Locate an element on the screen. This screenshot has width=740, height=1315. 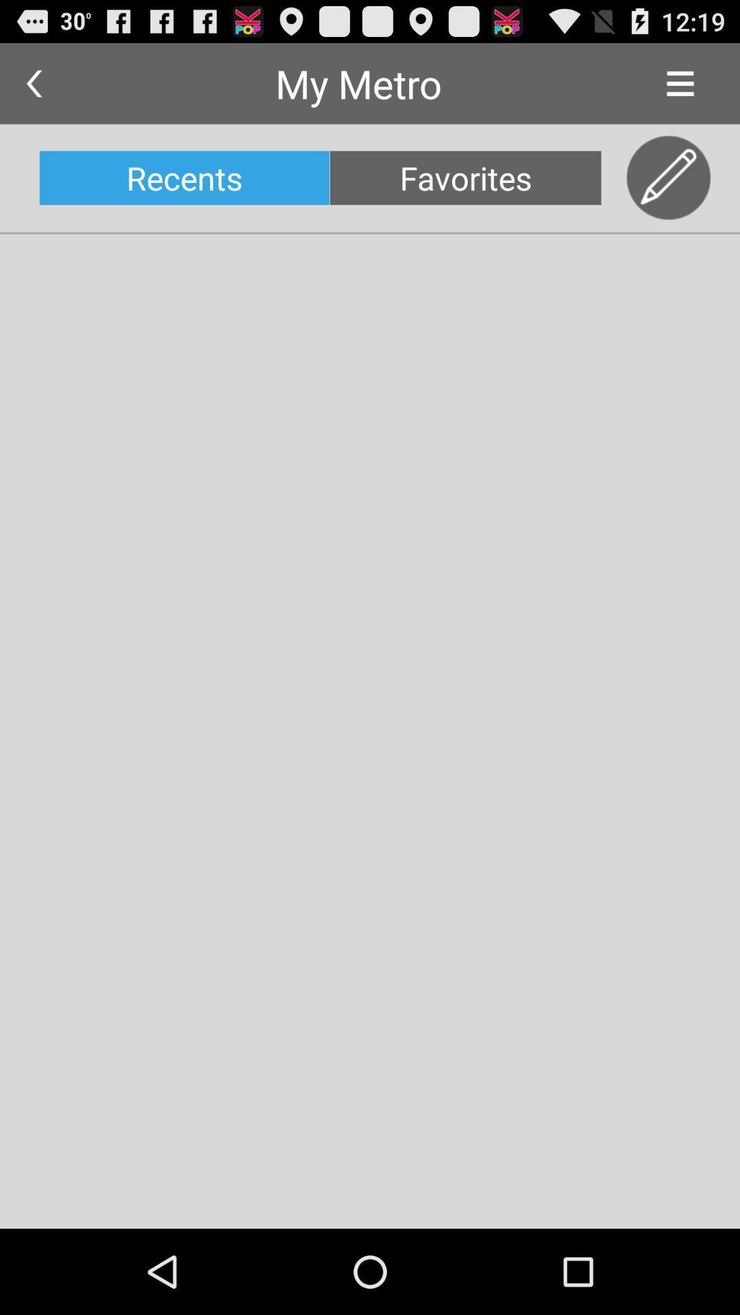
the icon to the right of the recents app is located at coordinates (465, 177).